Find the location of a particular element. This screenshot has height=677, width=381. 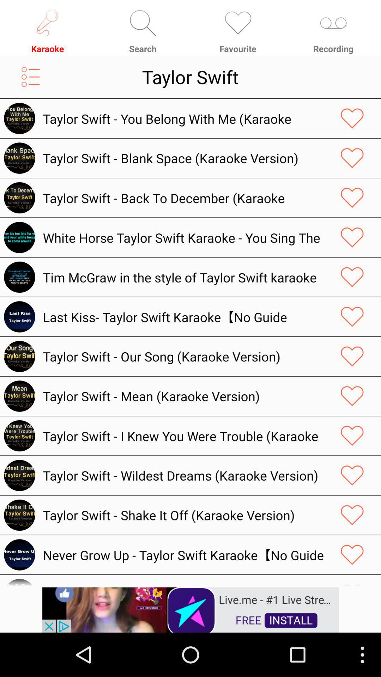

option is located at coordinates (352, 475).